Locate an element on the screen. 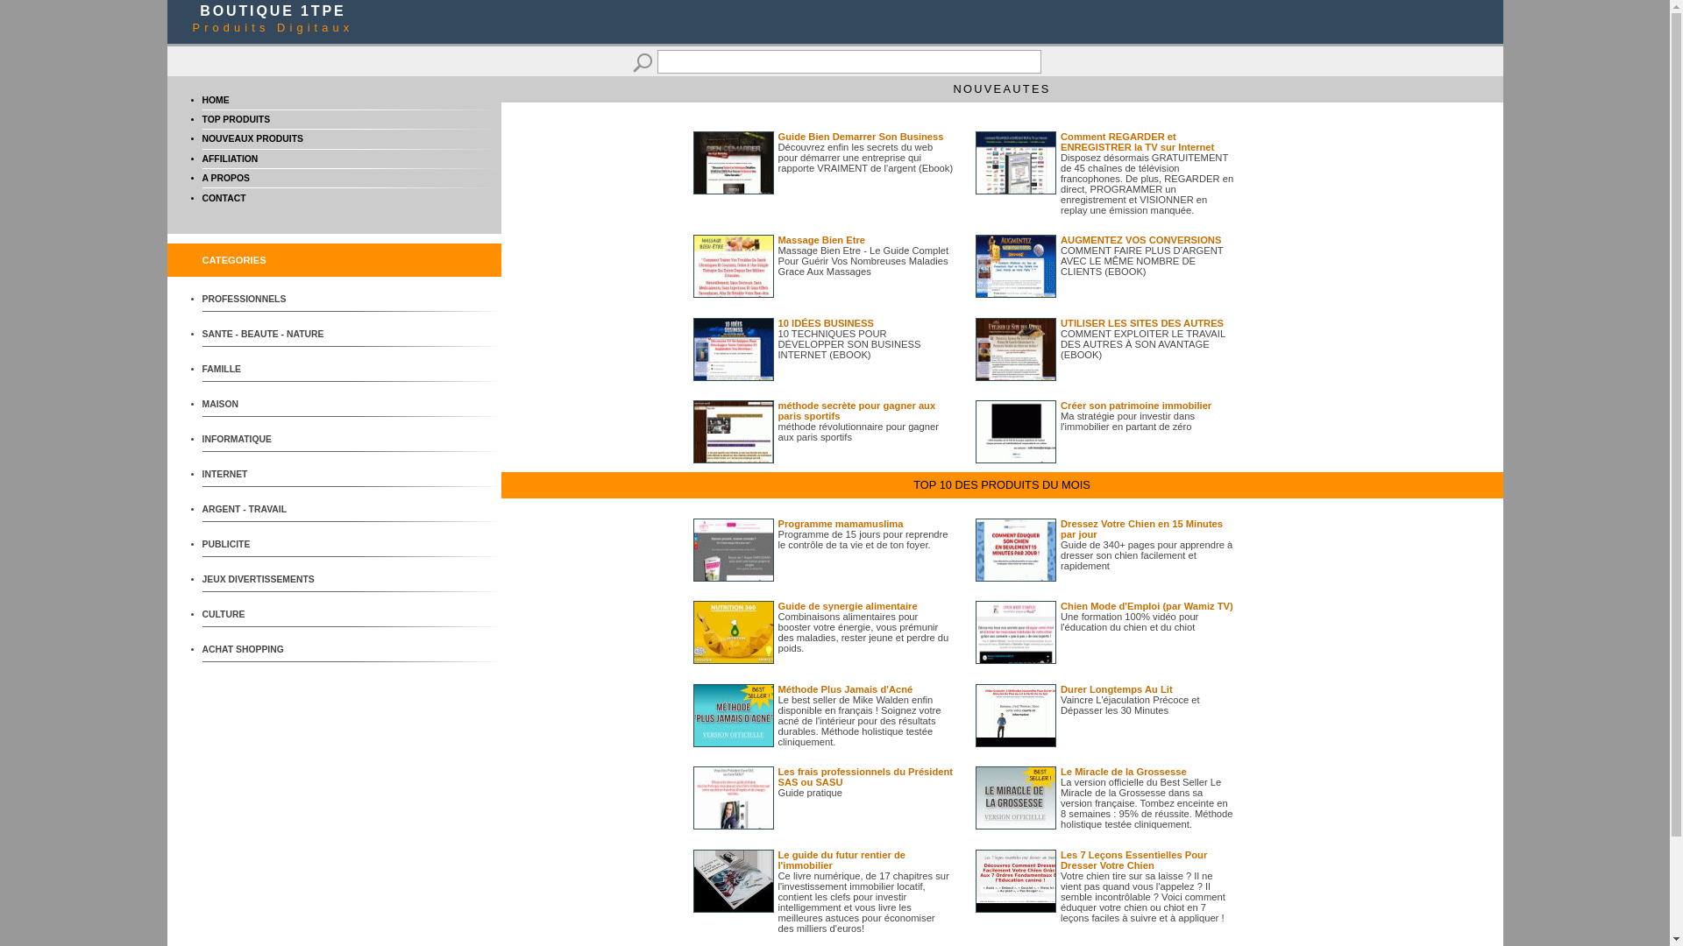 The width and height of the screenshot is (1683, 946). 'A PROPOS' is located at coordinates (224, 178).